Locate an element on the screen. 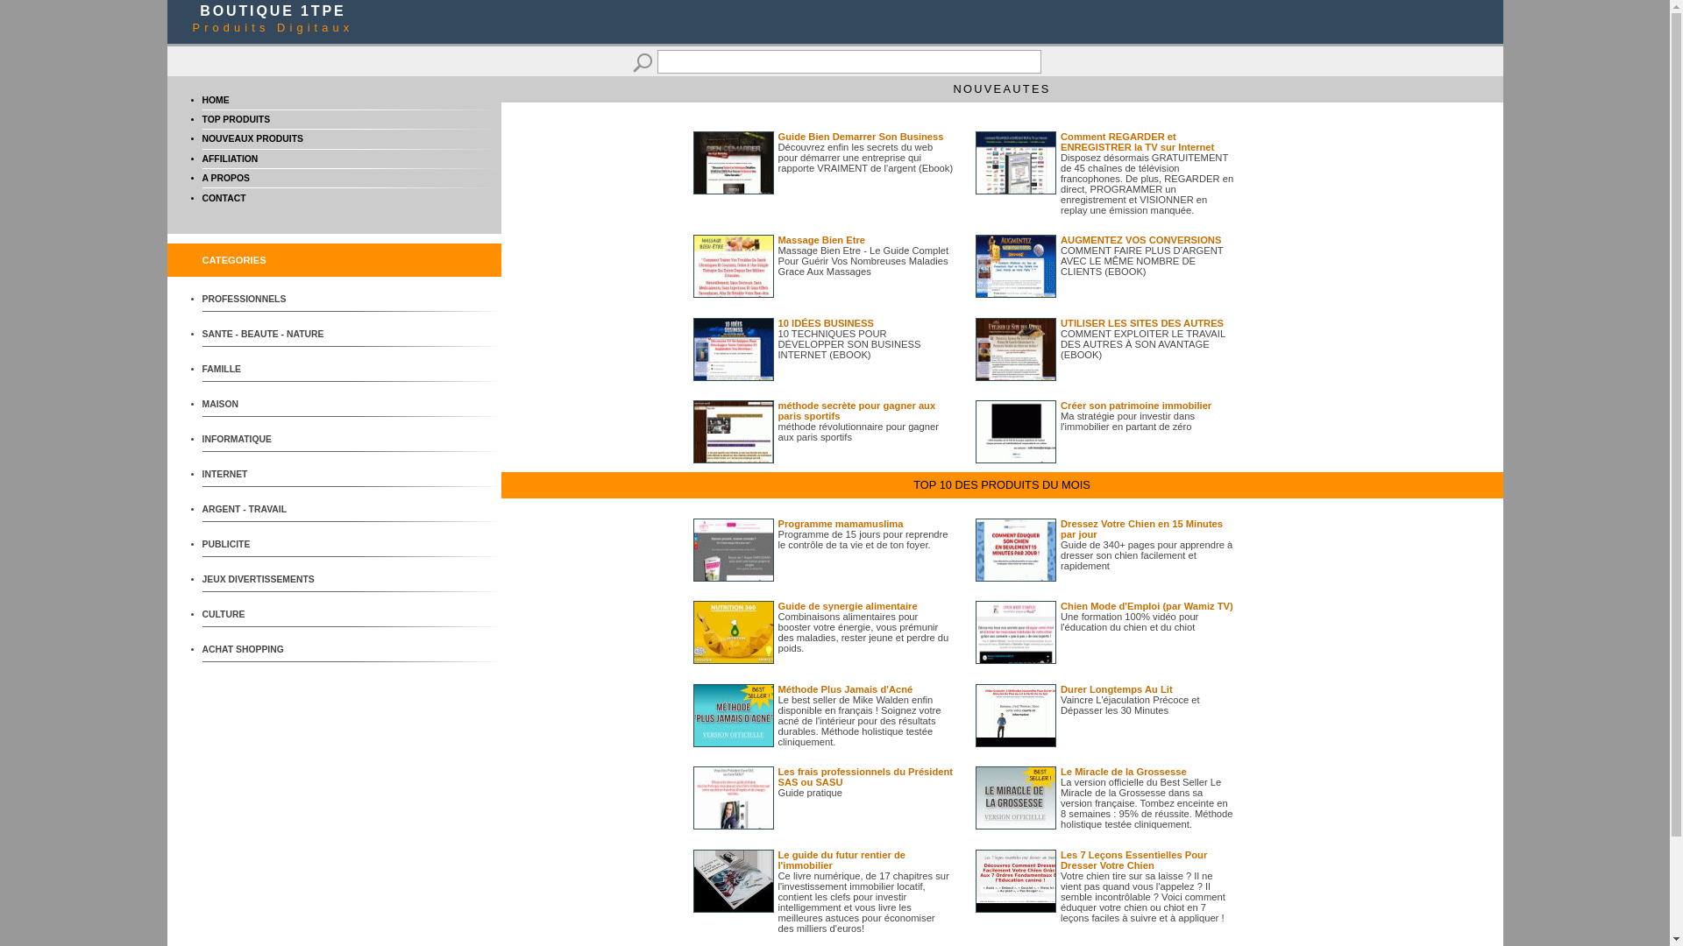 The width and height of the screenshot is (1683, 946). 'A PROPOS' is located at coordinates (224, 178).